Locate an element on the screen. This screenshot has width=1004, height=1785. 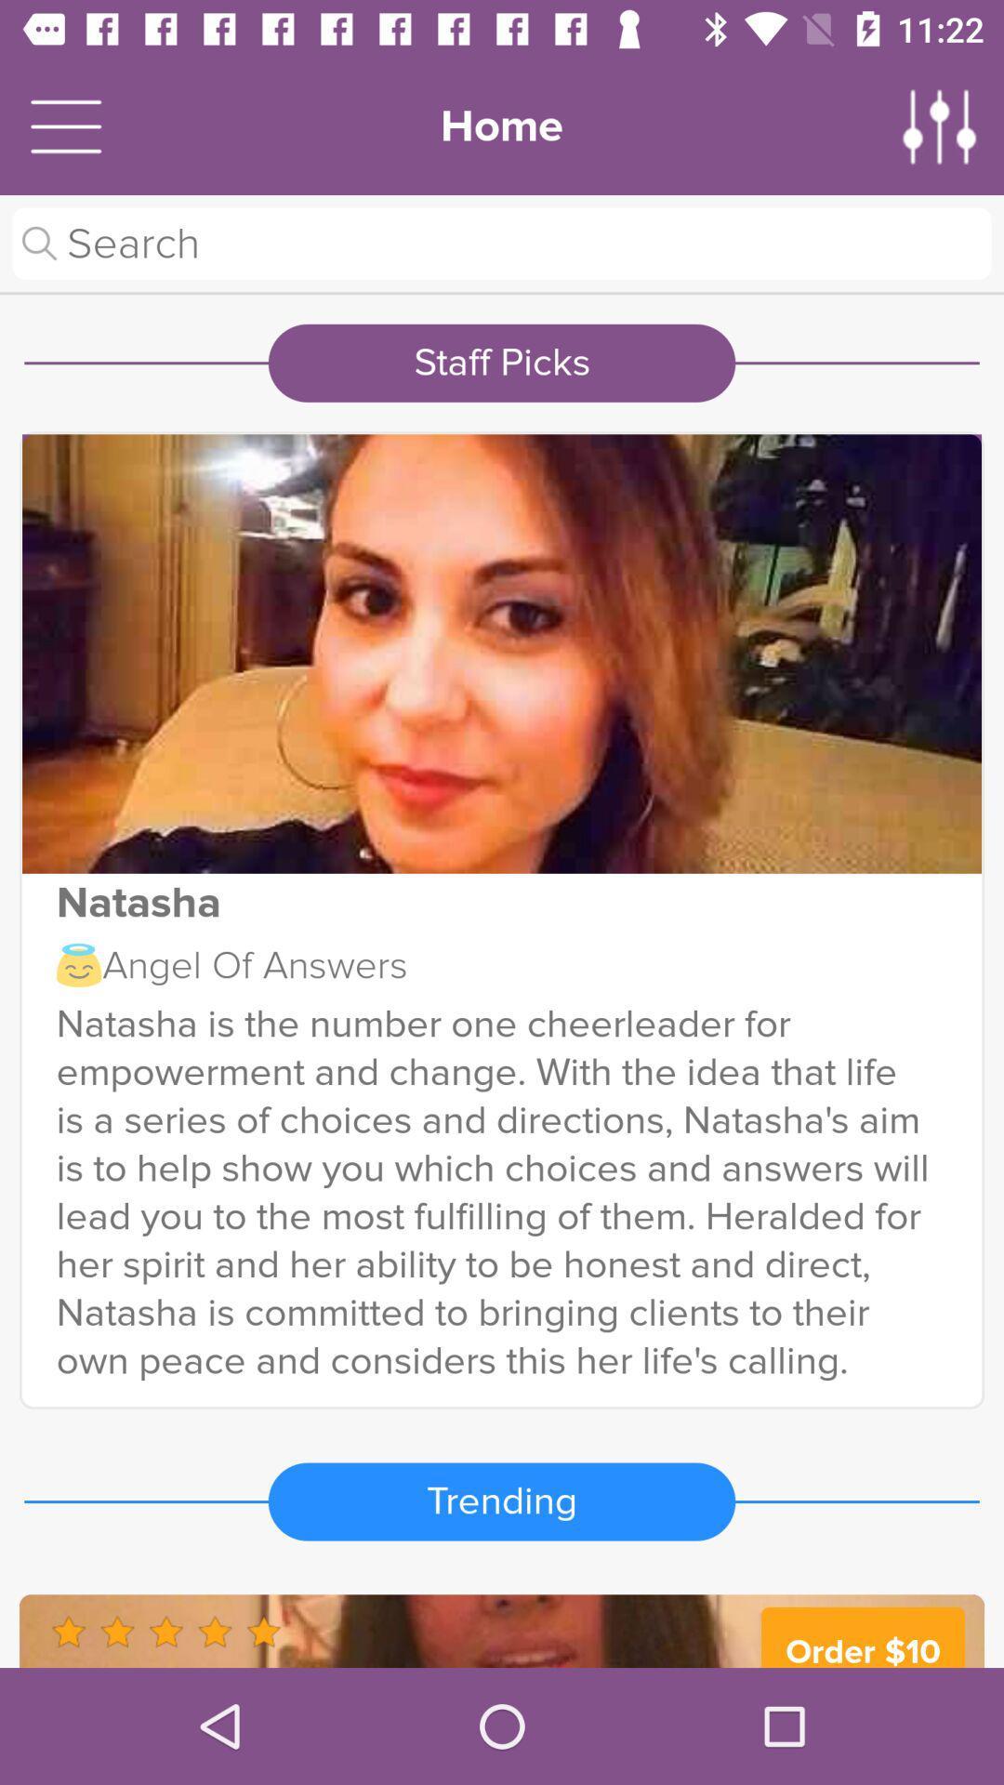
bring up page options is located at coordinates (940, 126).